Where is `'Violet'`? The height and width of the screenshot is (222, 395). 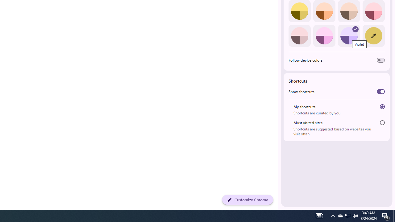 'Violet' is located at coordinates (349, 35).